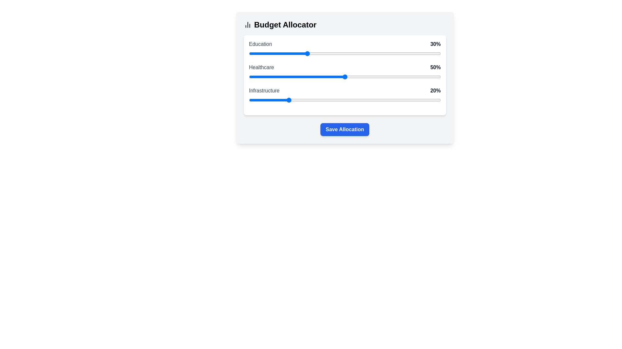  I want to click on infrastructure allocation, so click(374, 100).